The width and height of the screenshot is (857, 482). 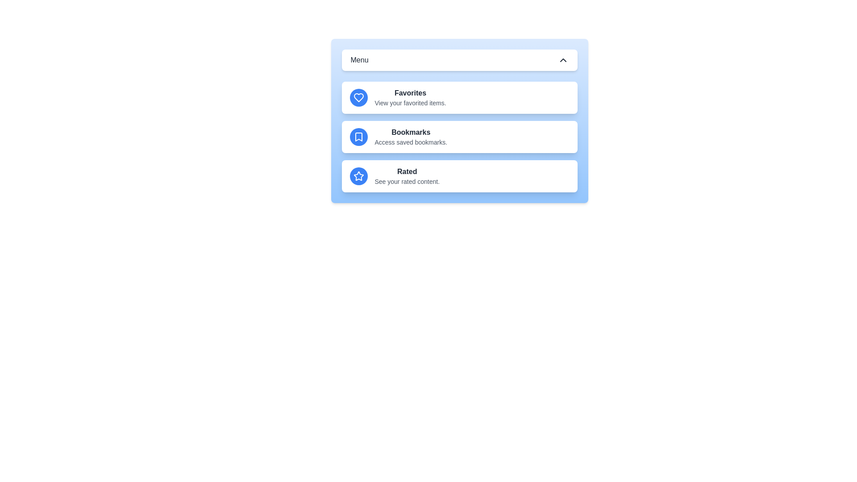 I want to click on the menu item Bookmarks, so click(x=459, y=137).